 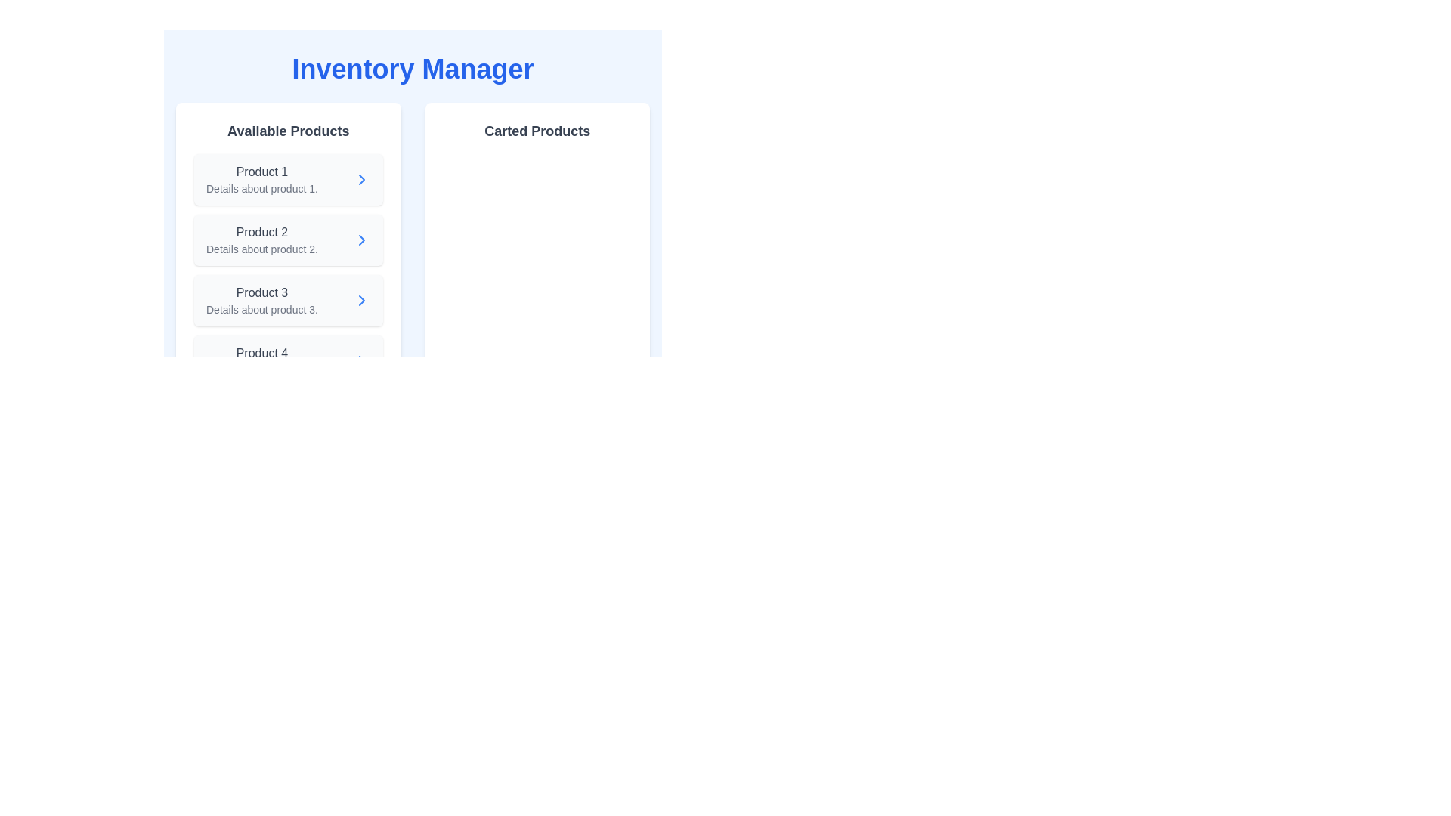 I want to click on text label displaying 'Details about product 3.' located below 'Product 3' in the 'Available Products' section, so click(x=261, y=308).